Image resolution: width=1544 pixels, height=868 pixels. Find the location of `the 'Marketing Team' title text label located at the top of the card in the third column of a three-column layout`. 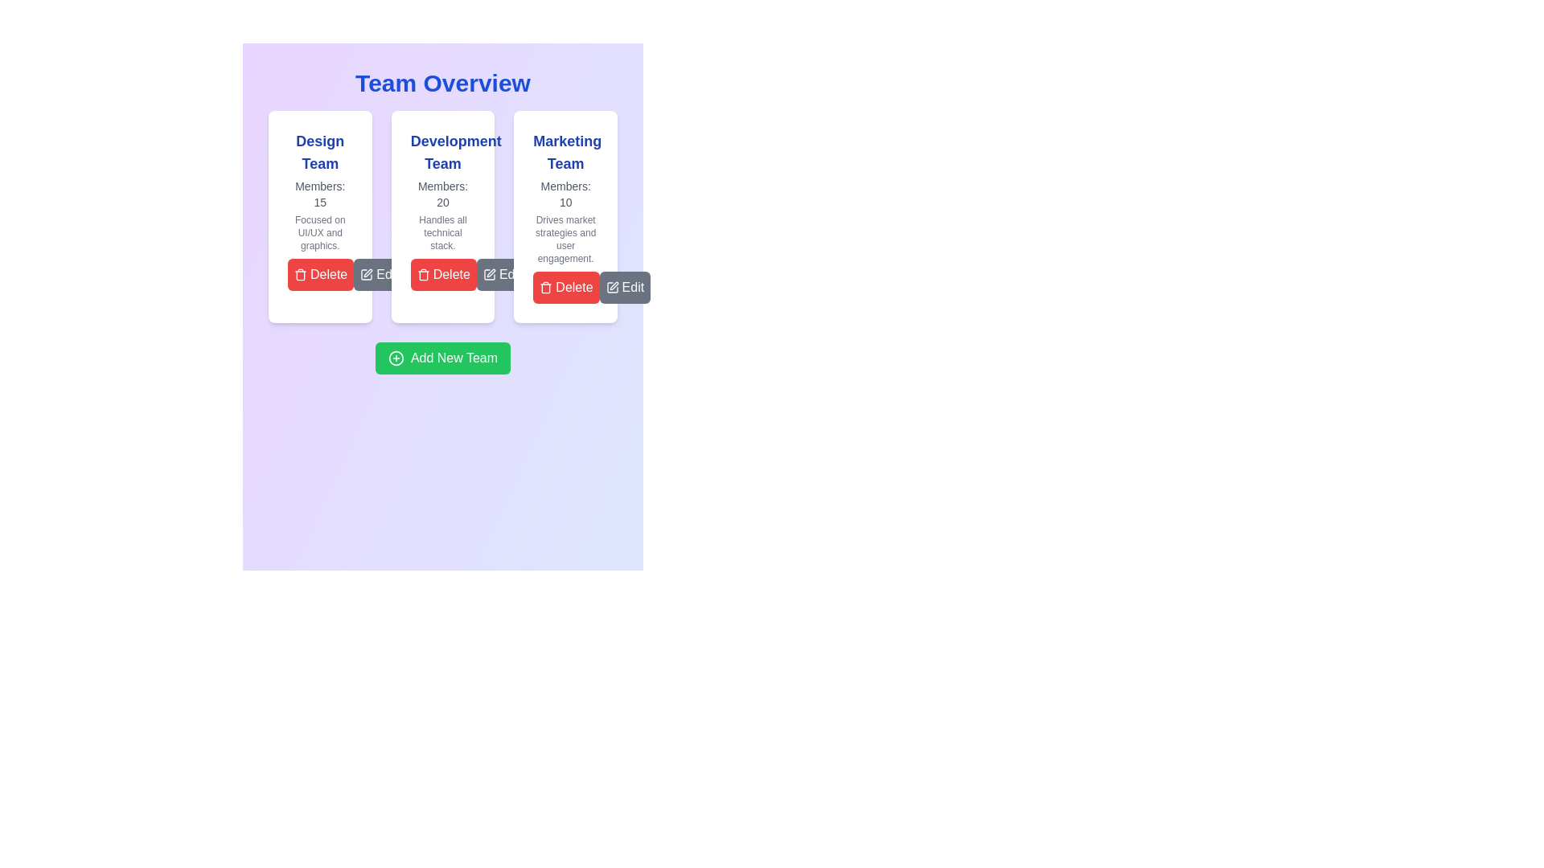

the 'Marketing Team' title text label located at the top of the card in the third column of a three-column layout is located at coordinates (565, 152).